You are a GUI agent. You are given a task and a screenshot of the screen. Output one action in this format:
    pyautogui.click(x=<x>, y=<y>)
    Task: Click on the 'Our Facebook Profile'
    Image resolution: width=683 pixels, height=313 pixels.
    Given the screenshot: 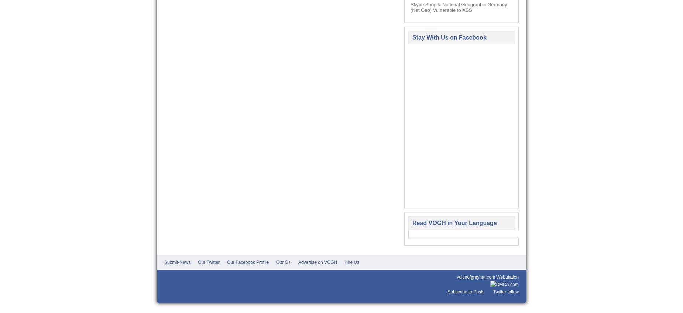 What is the action you would take?
    pyautogui.click(x=247, y=262)
    